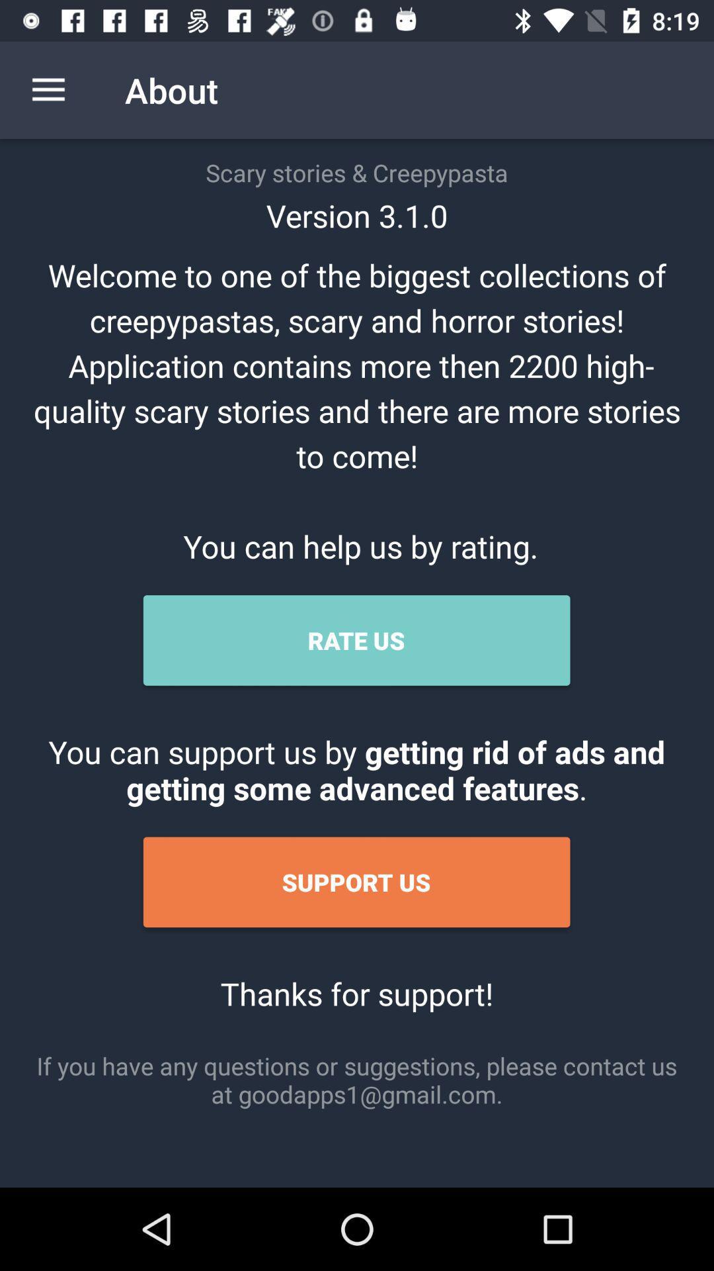 The image size is (714, 1271). What do you see at coordinates (356, 640) in the screenshot?
I see `the rate us` at bounding box center [356, 640].